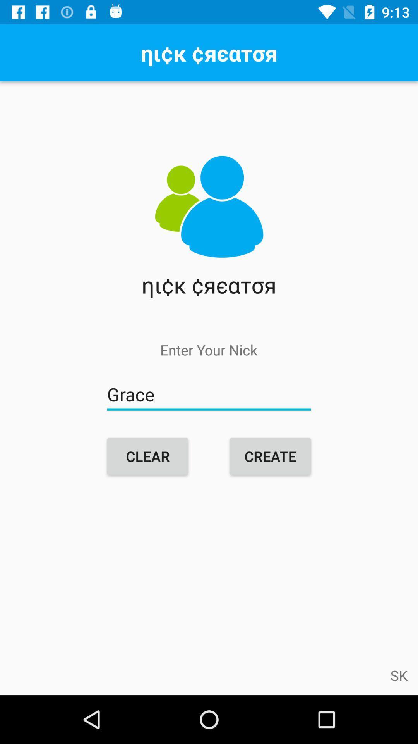 The height and width of the screenshot is (744, 418). Describe the element at coordinates (147, 456) in the screenshot. I see `the clear` at that location.